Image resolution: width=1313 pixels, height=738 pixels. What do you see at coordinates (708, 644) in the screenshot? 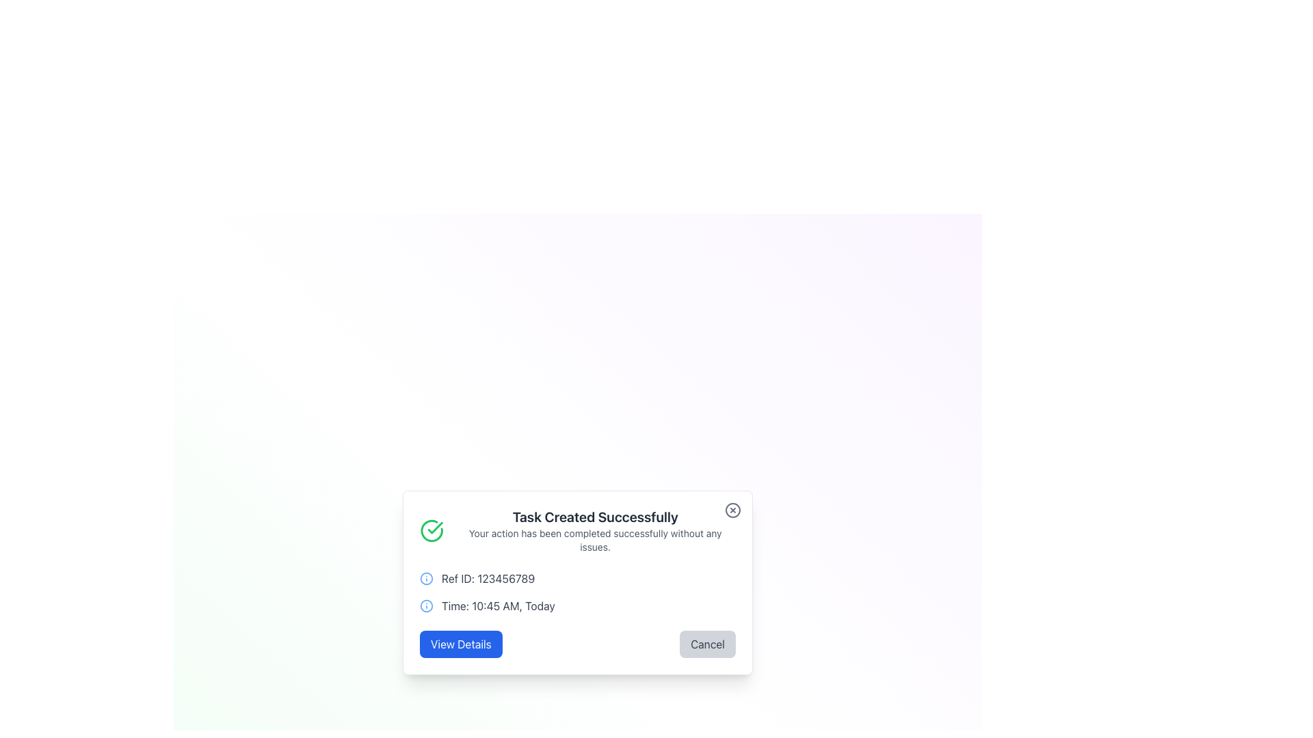
I see `the cancel button located at the bottom-right corner of the semi-transparent dialog box, positioned directly to the right of the 'View Details' button` at bounding box center [708, 644].